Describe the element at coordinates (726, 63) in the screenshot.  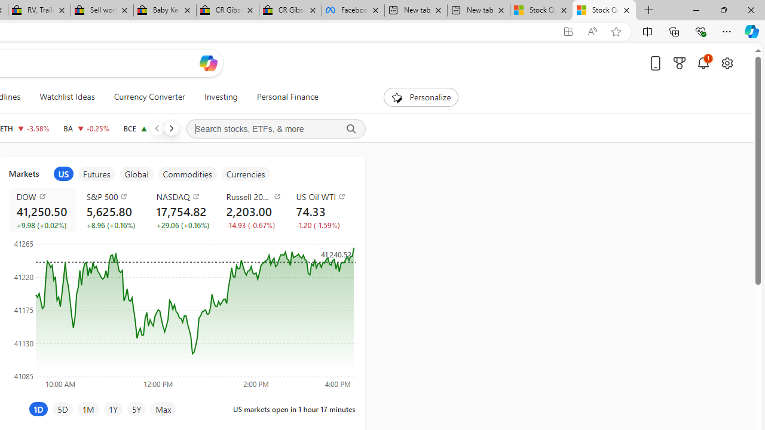
I see `'Open settings'` at that location.